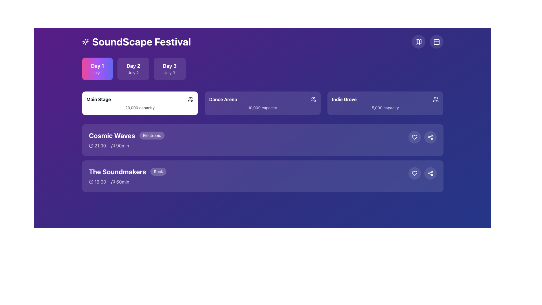 The width and height of the screenshot is (542, 305). What do you see at coordinates (414, 137) in the screenshot?
I see `the heart icon located on the right side of the second row of the list, which is contained within a circular button with a semi-transparent white background, to favorite the content` at bounding box center [414, 137].